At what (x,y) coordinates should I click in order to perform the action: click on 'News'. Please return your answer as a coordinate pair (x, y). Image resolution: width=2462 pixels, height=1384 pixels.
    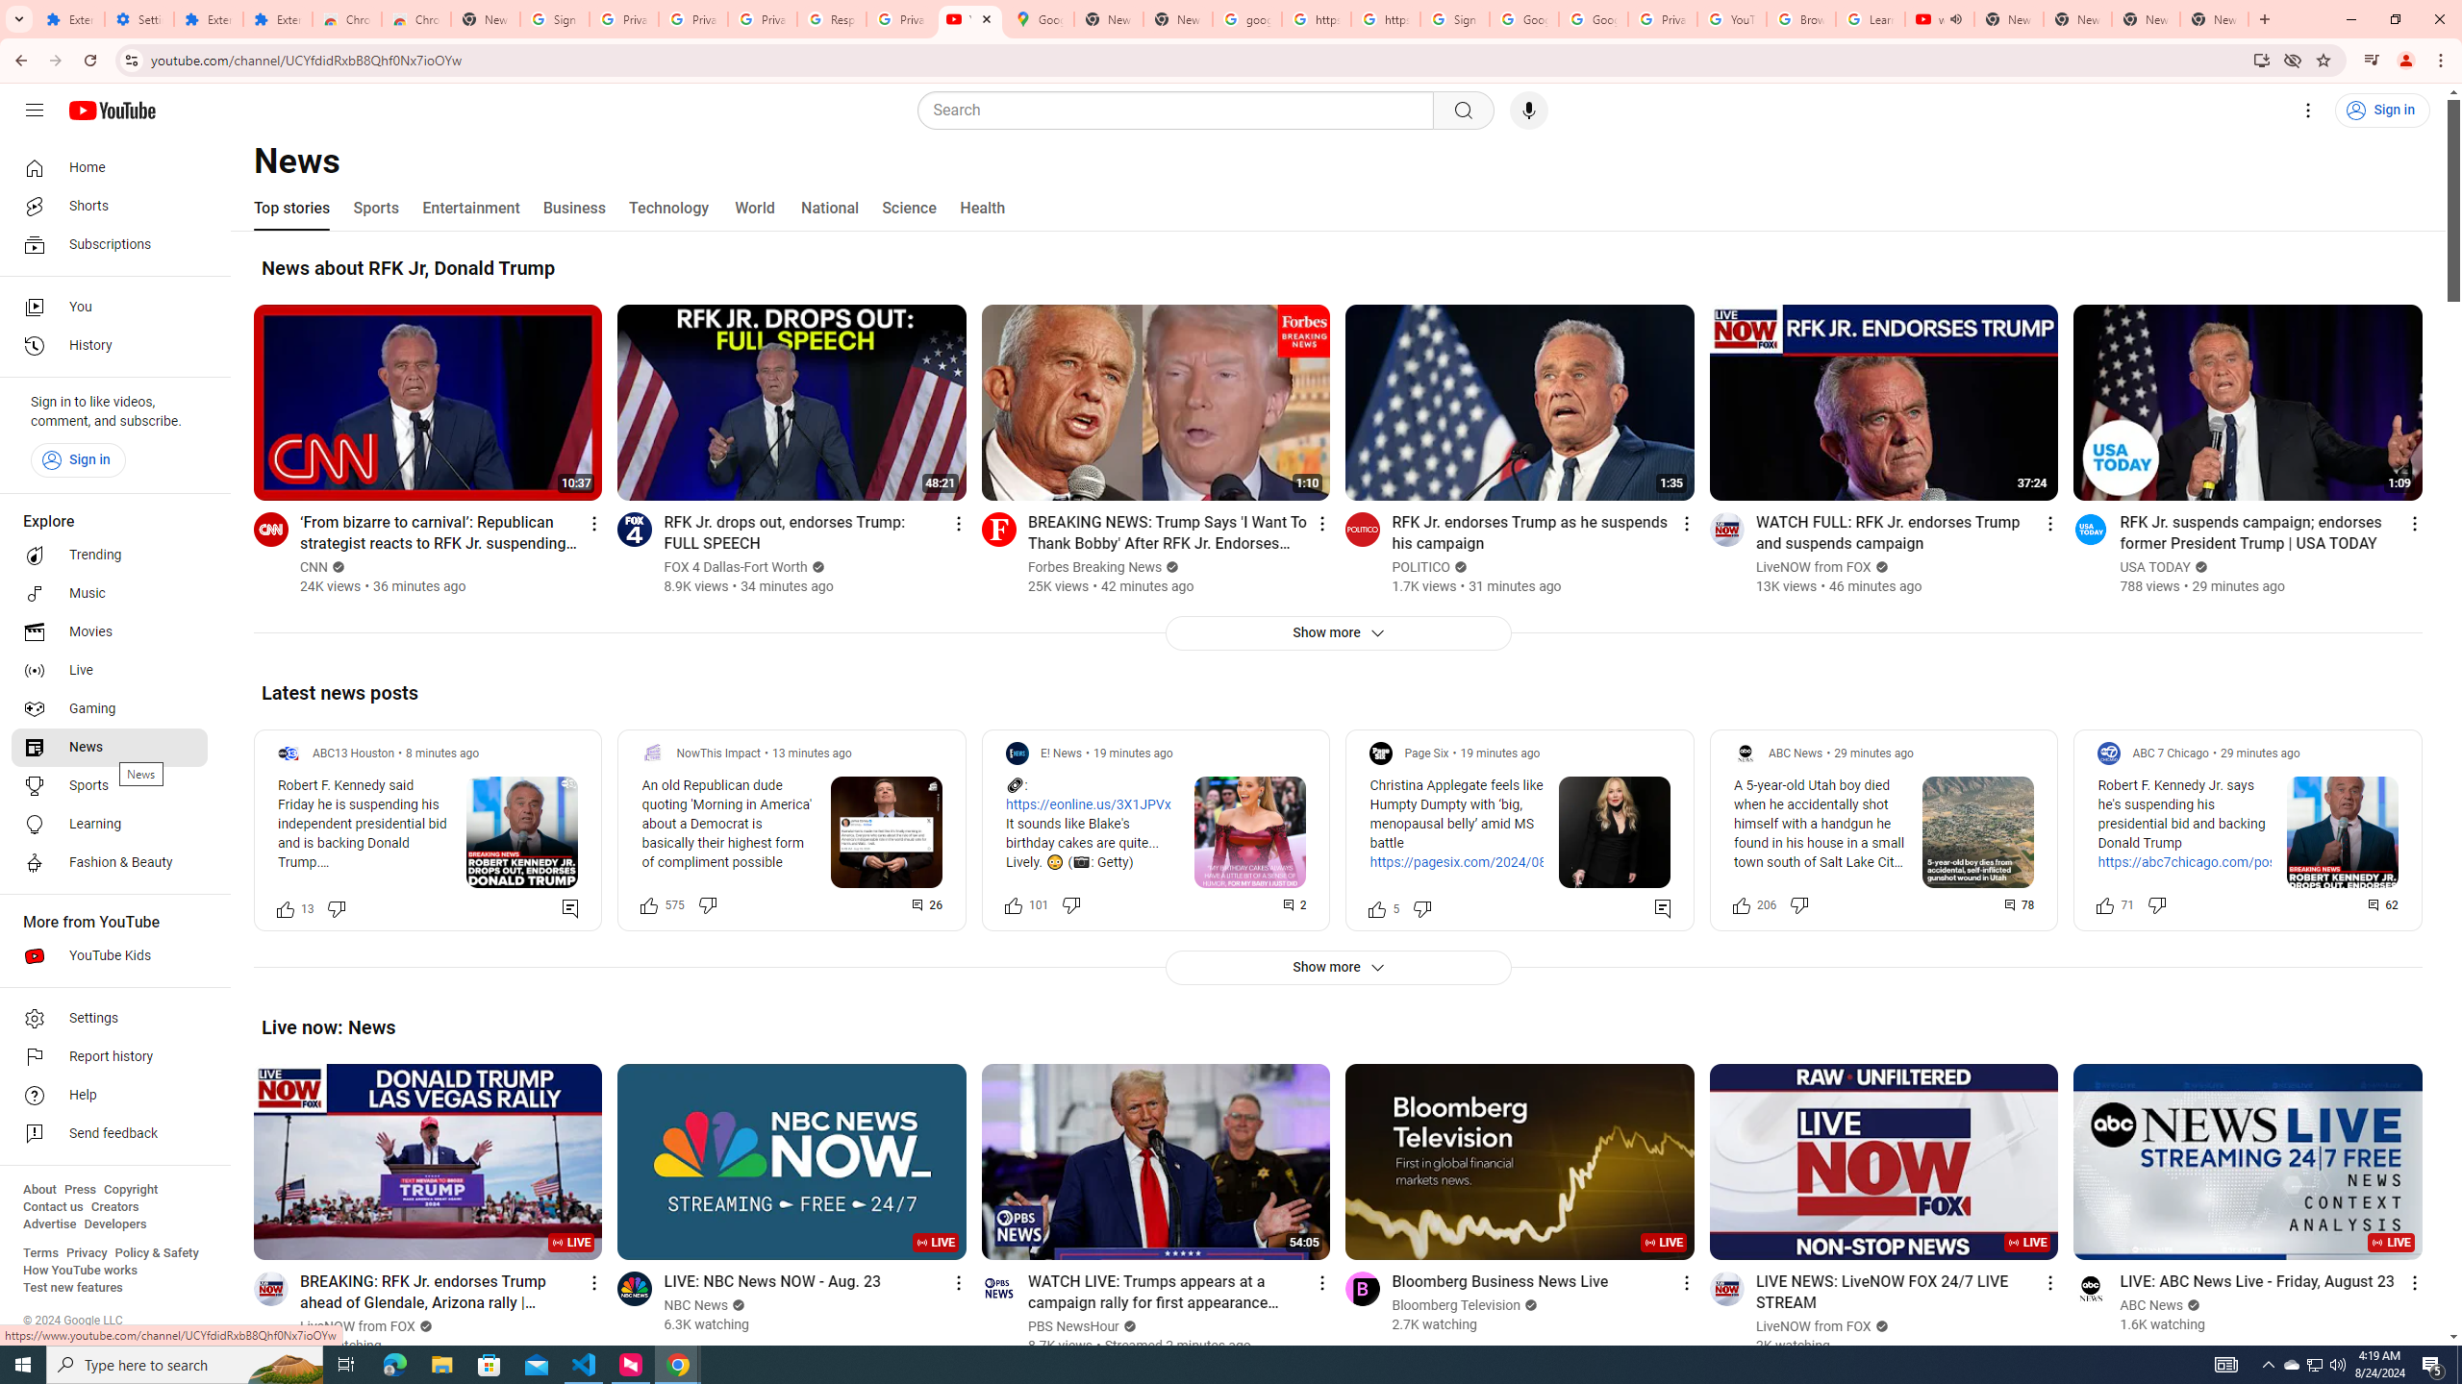
    Looking at the image, I should click on (109, 747).